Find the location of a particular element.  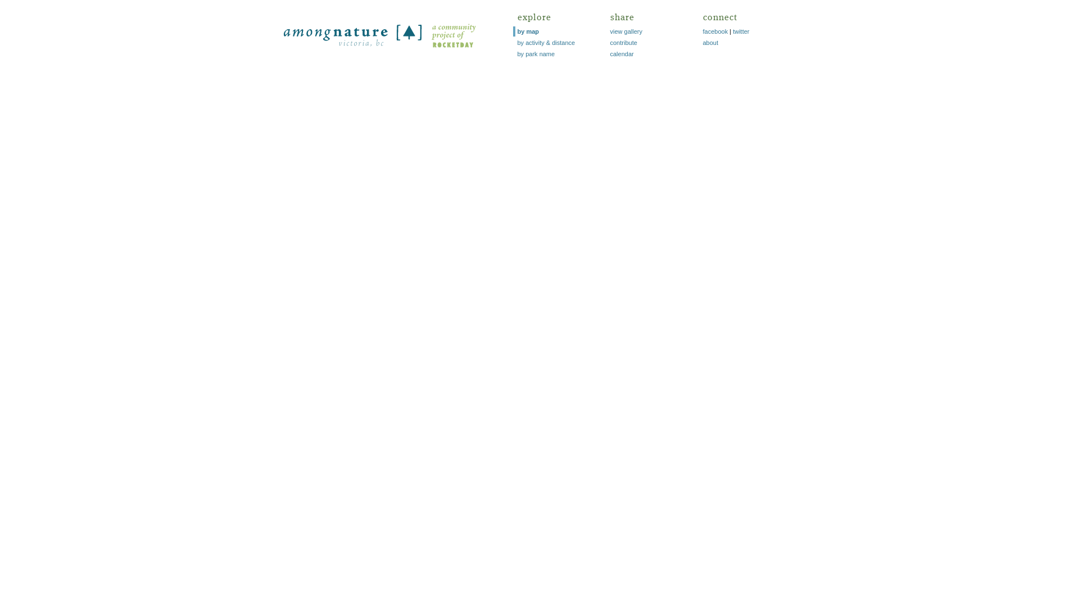

'twitter' is located at coordinates (741, 31).